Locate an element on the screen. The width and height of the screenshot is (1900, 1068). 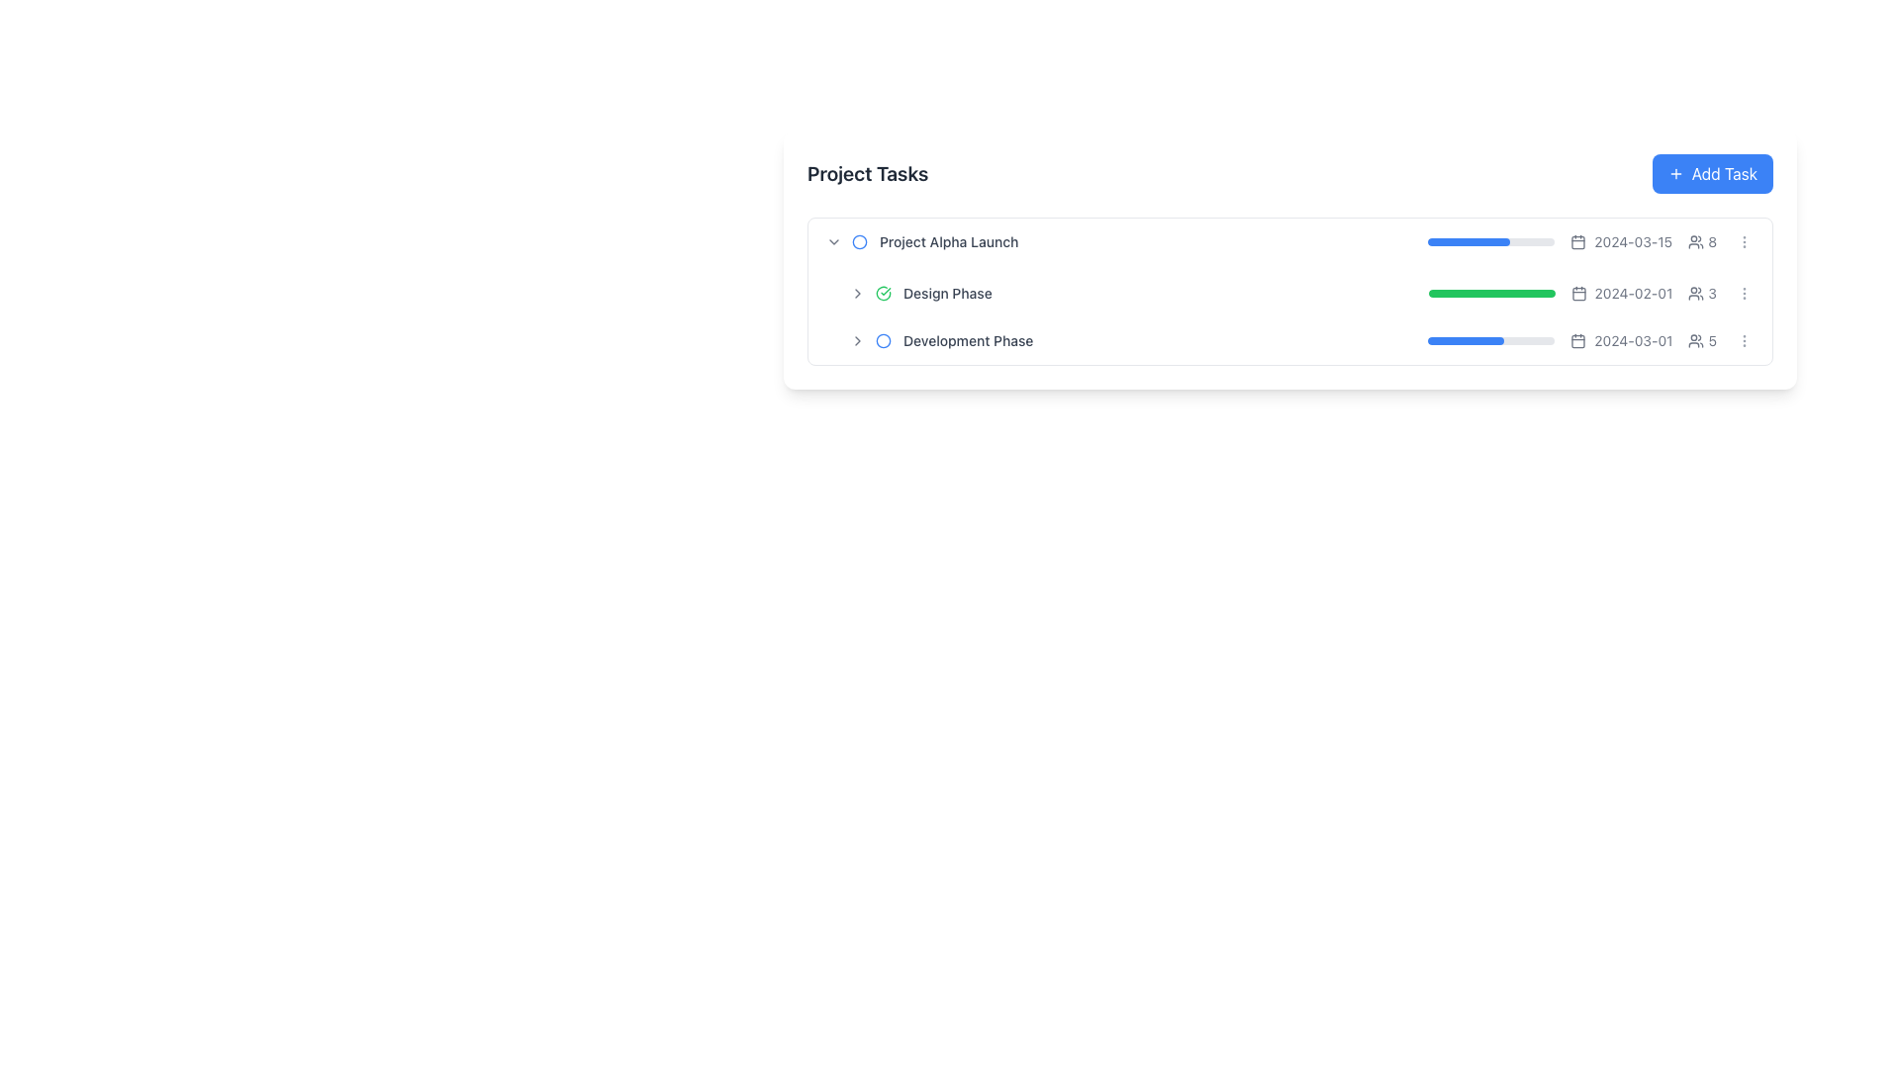
the blue outlined circle icon located next to the 'Development Phase' text, which is the third icon in the list of project phases under 'Project Tasks.' is located at coordinates (859, 241).